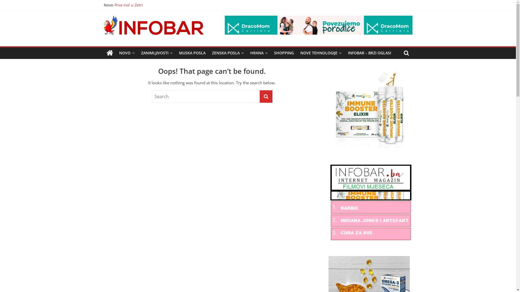 The image size is (520, 292). I want to click on 'ZENSKA POSLA', so click(227, 53).